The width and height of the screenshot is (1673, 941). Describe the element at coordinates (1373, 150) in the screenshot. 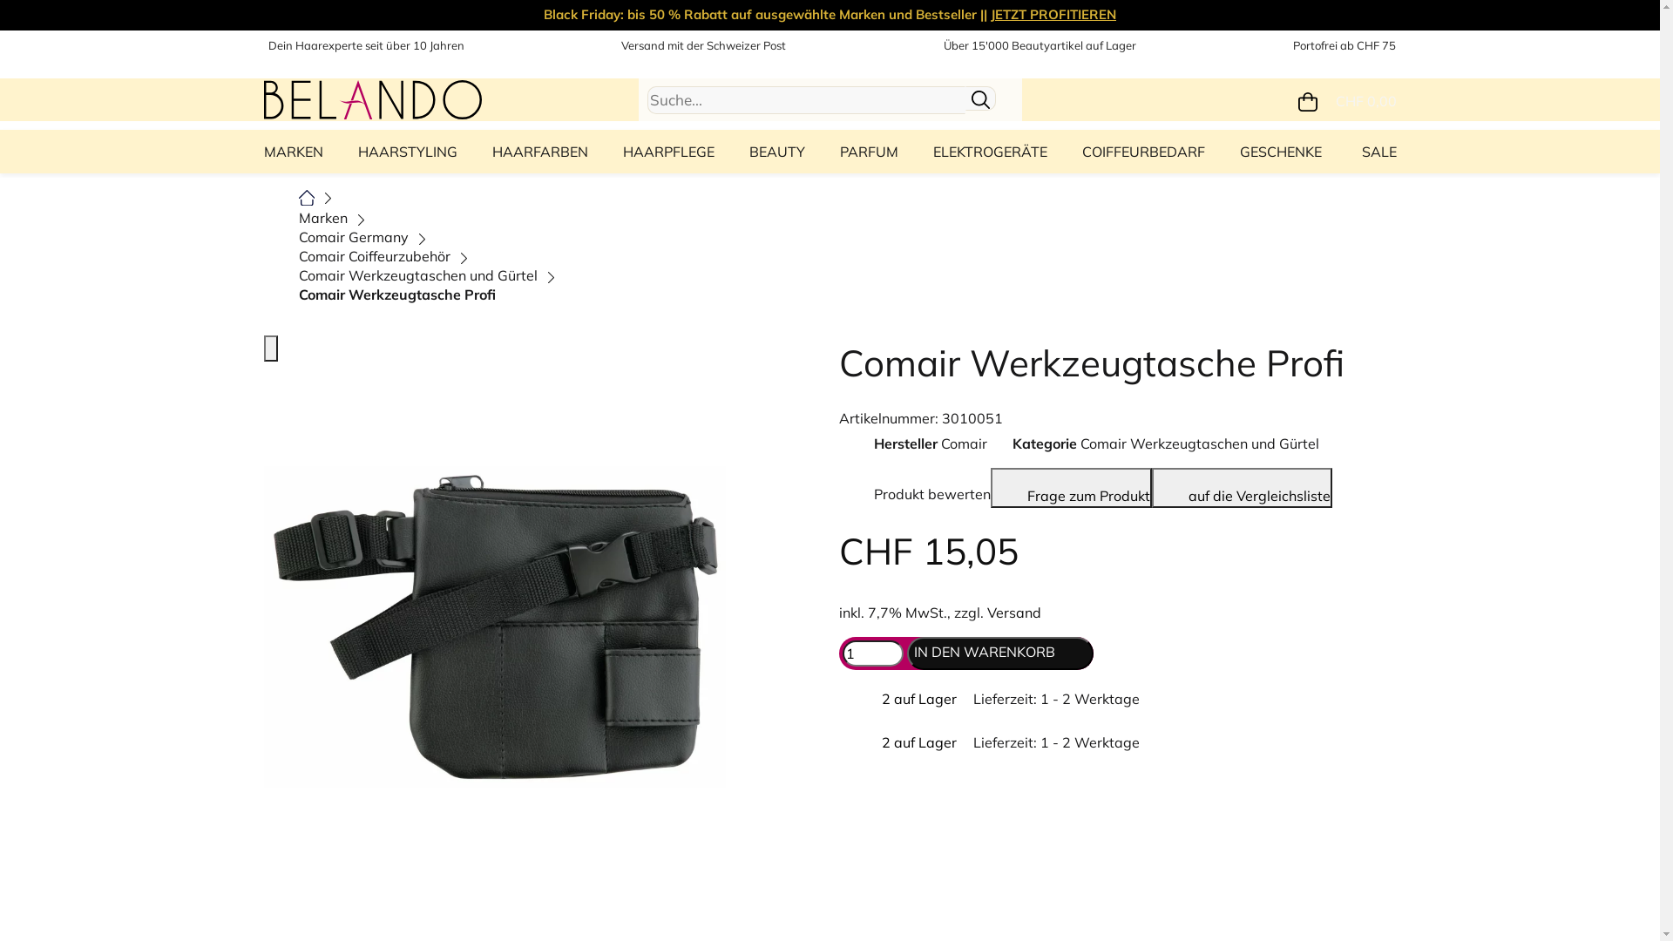

I see `'SALE'` at that location.